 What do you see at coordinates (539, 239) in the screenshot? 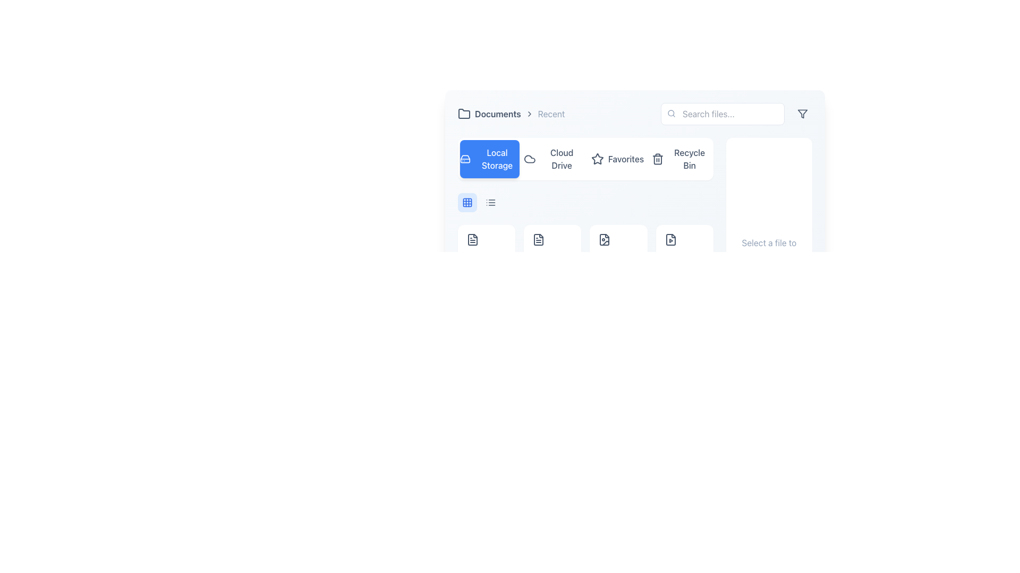
I see `the dark gray document icon, which is the second icon from the left in the toolbar section` at bounding box center [539, 239].